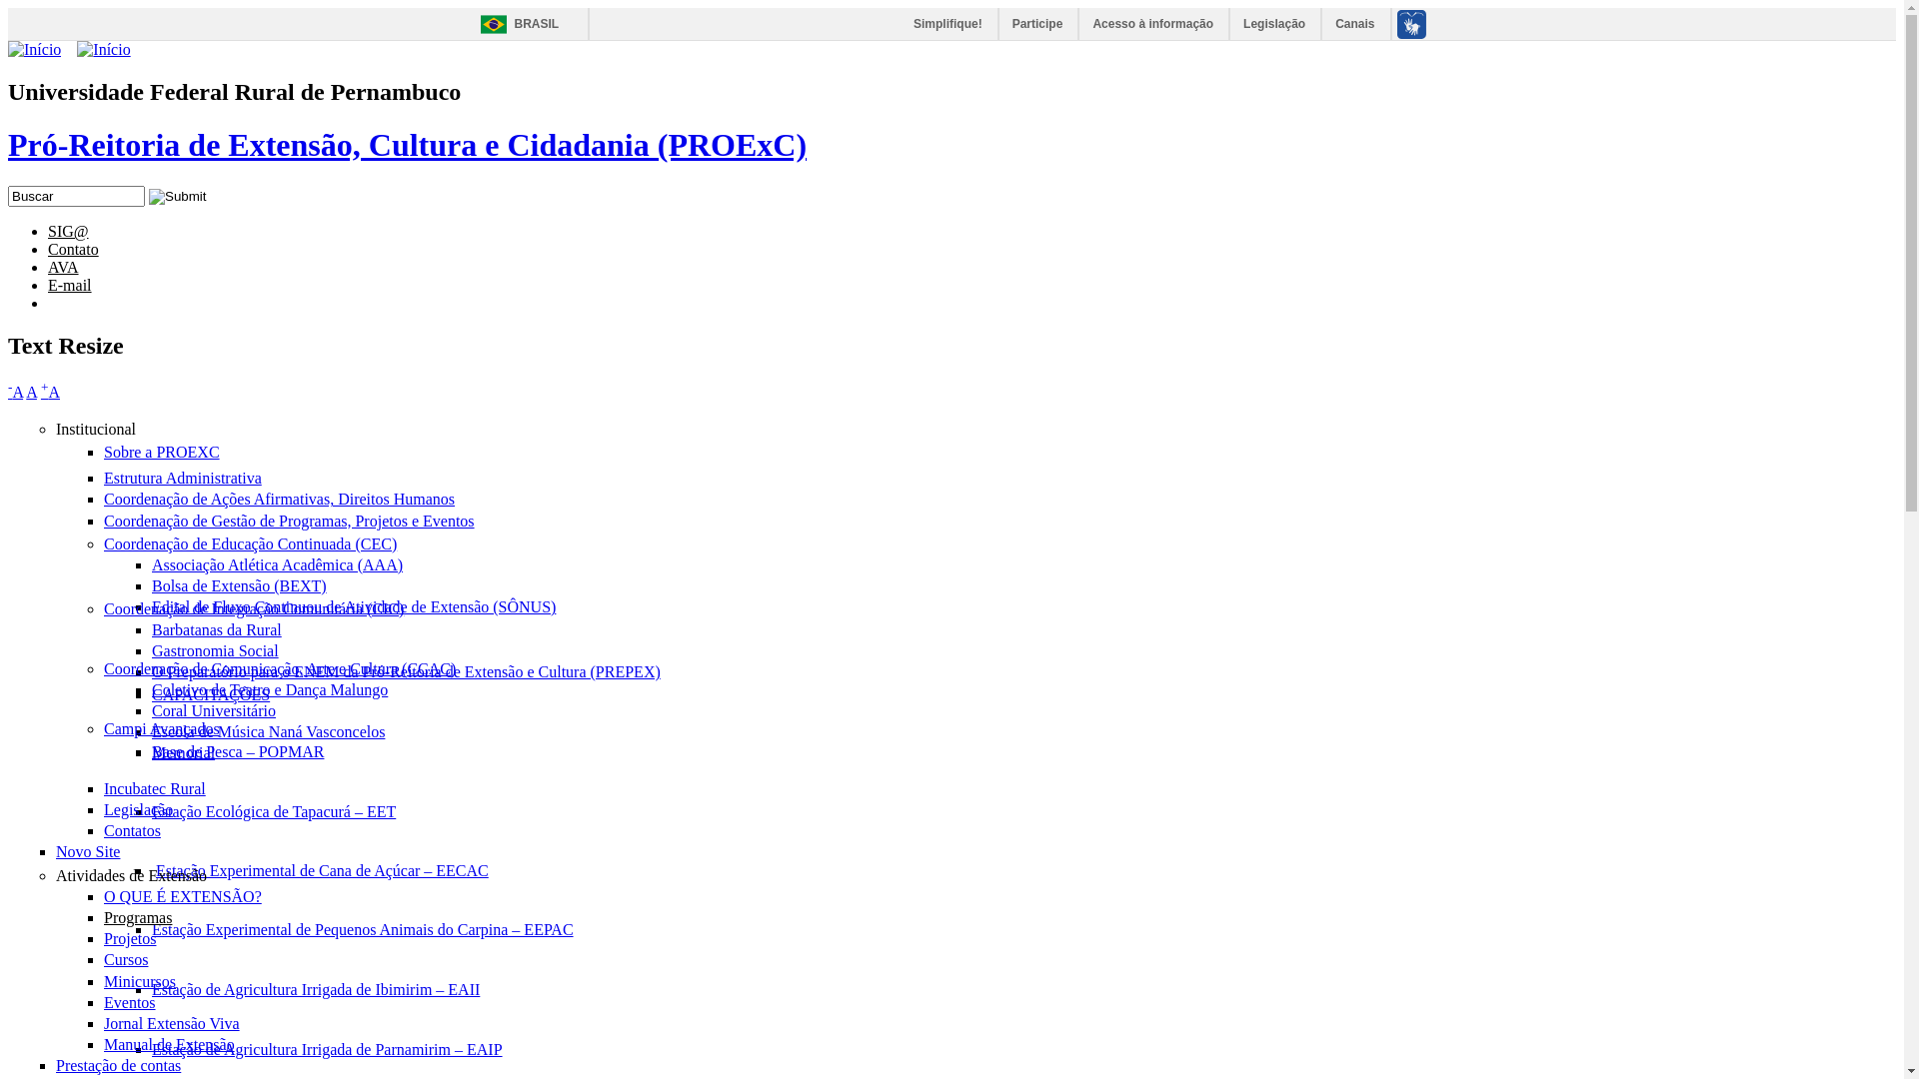 Image resolution: width=1919 pixels, height=1079 pixels. Describe the element at coordinates (112, 295) in the screenshot. I see `'Toggle high contrast'` at that location.